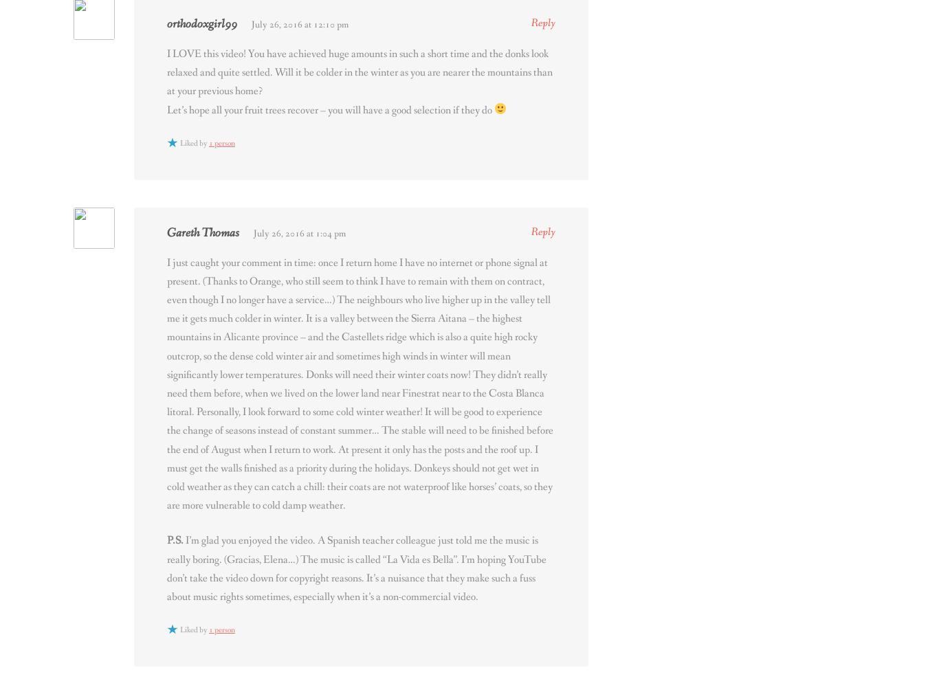 Image resolution: width=939 pixels, height=690 pixels. What do you see at coordinates (201, 23) in the screenshot?
I see `'orthodoxgirl99'` at bounding box center [201, 23].